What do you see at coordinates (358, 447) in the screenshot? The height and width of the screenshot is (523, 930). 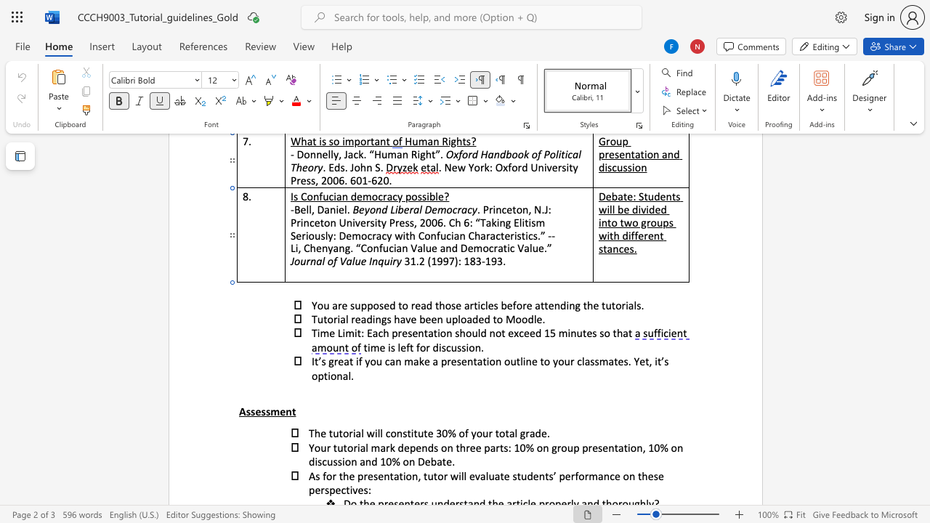 I see `the 1th character "i" in the text` at bounding box center [358, 447].